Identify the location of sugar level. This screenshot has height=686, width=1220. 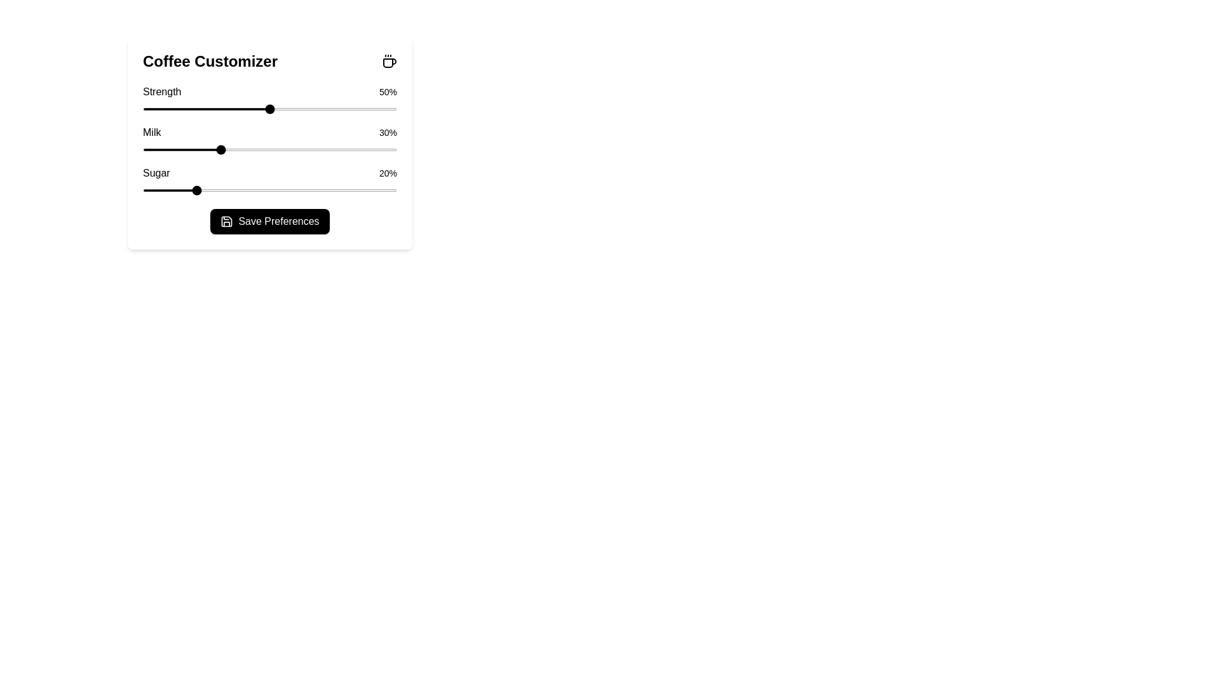
(175, 191).